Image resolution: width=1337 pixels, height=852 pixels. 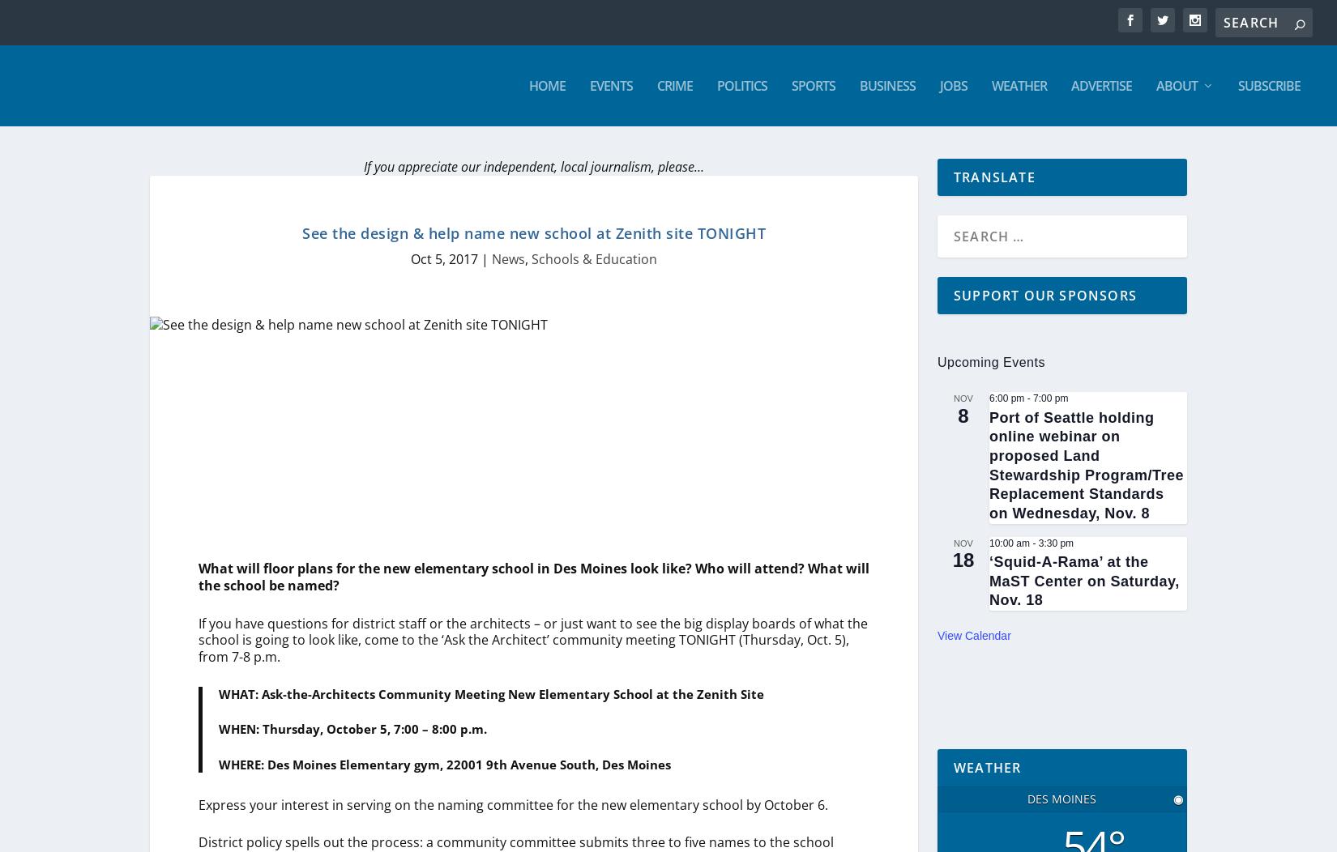 What do you see at coordinates (443, 258) in the screenshot?
I see `'Oct 5, 2017'` at bounding box center [443, 258].